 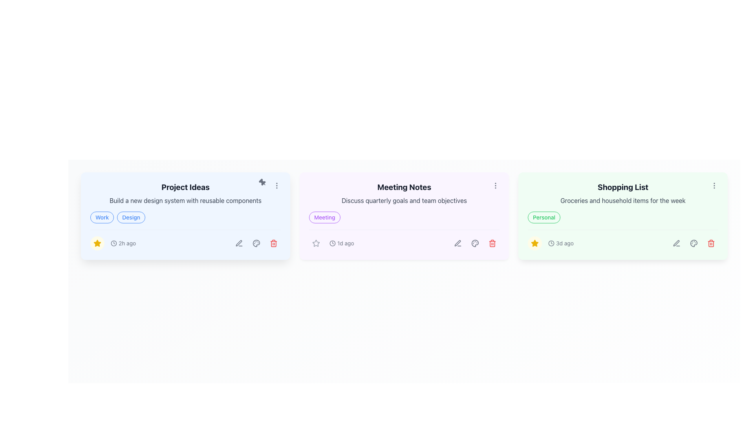 What do you see at coordinates (256, 243) in the screenshot?
I see `the palette icon located between the edit icon and delete icon at the bottom-right corner of the 'Project Ideas' card` at bounding box center [256, 243].